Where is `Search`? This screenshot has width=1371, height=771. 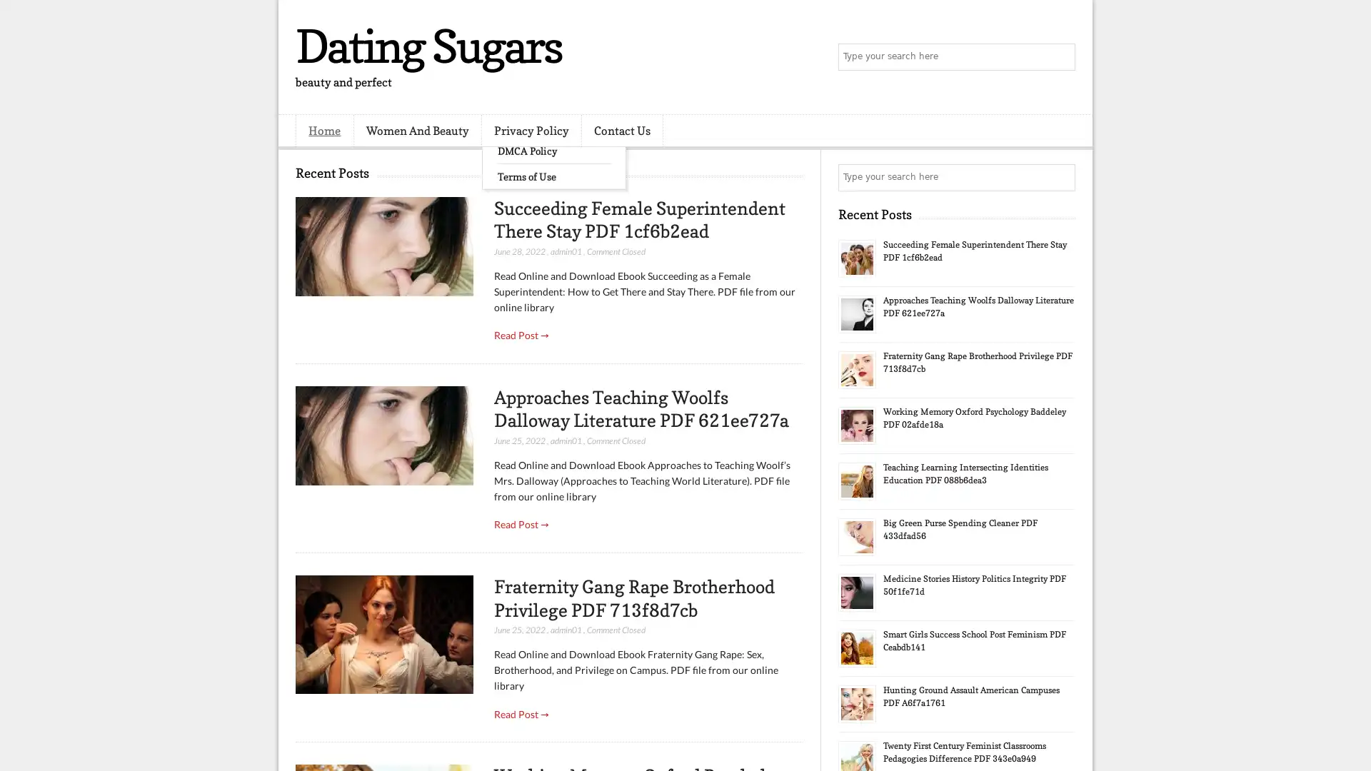 Search is located at coordinates (1060, 177).